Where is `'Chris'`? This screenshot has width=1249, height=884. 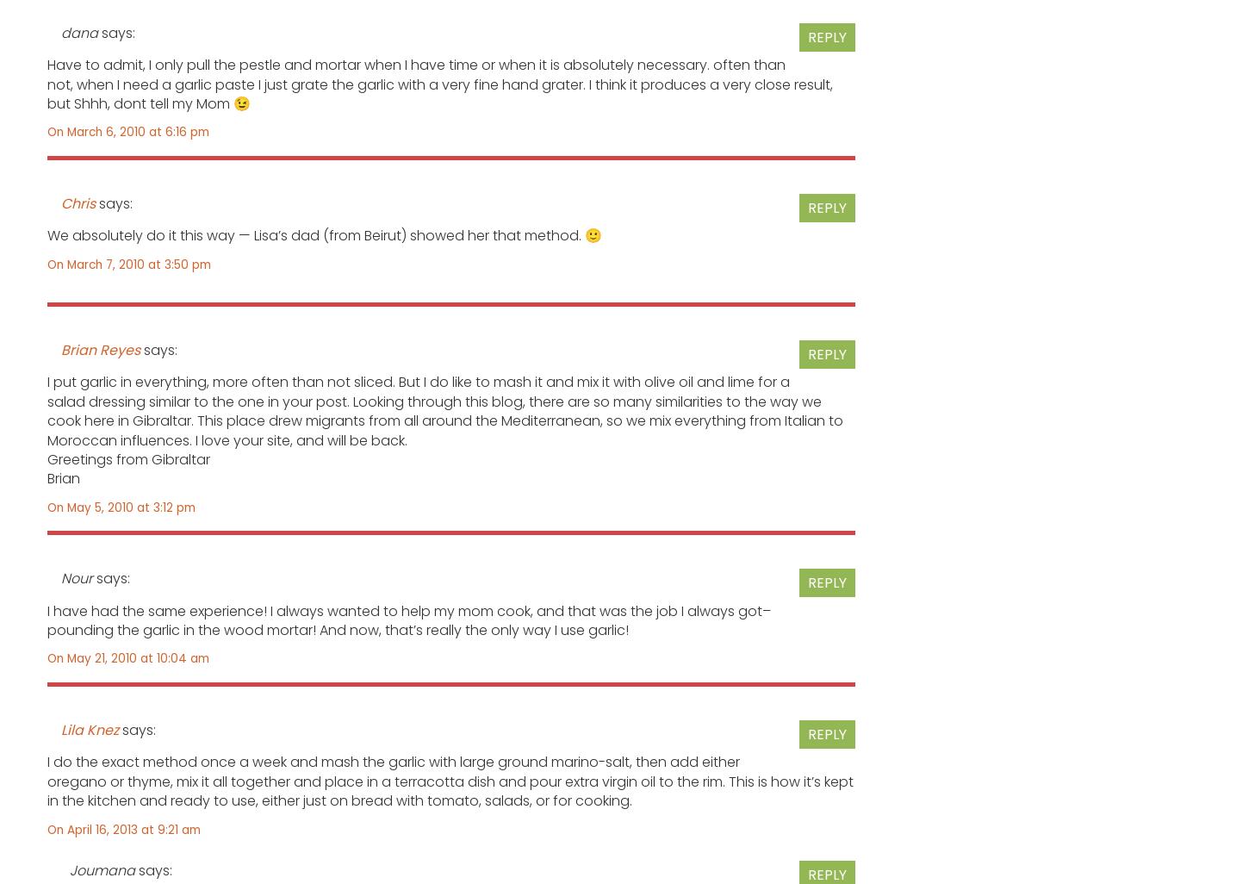 'Chris' is located at coordinates (61, 202).